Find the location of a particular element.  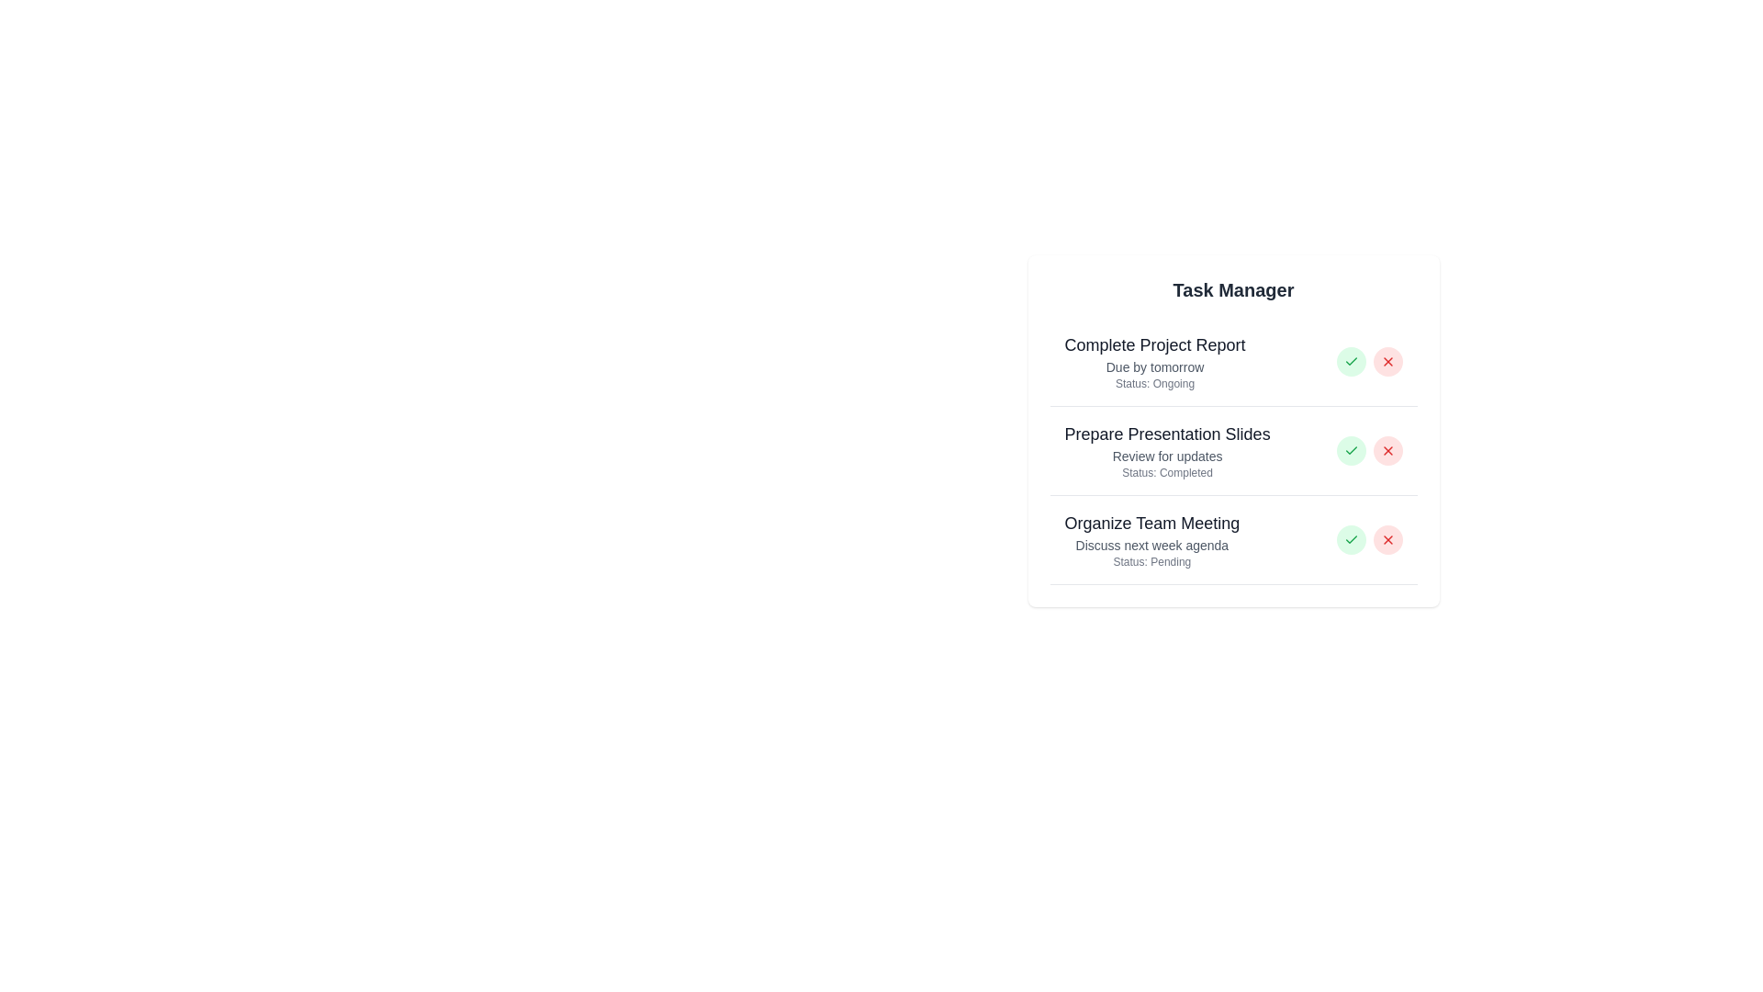

task information displayed in the second Textual Content Block within the 'Task Manager' section is located at coordinates (1166, 450).